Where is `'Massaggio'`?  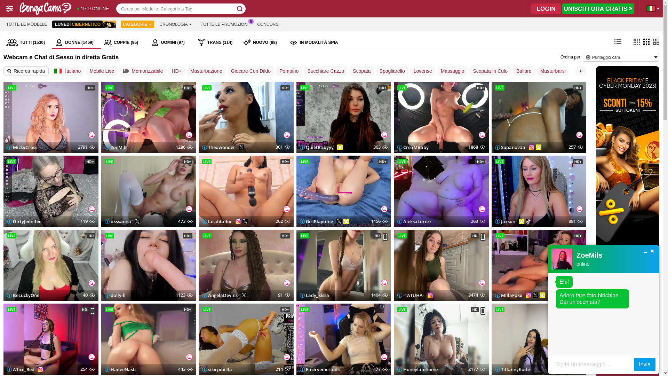 'Massaggio' is located at coordinates (452, 71).